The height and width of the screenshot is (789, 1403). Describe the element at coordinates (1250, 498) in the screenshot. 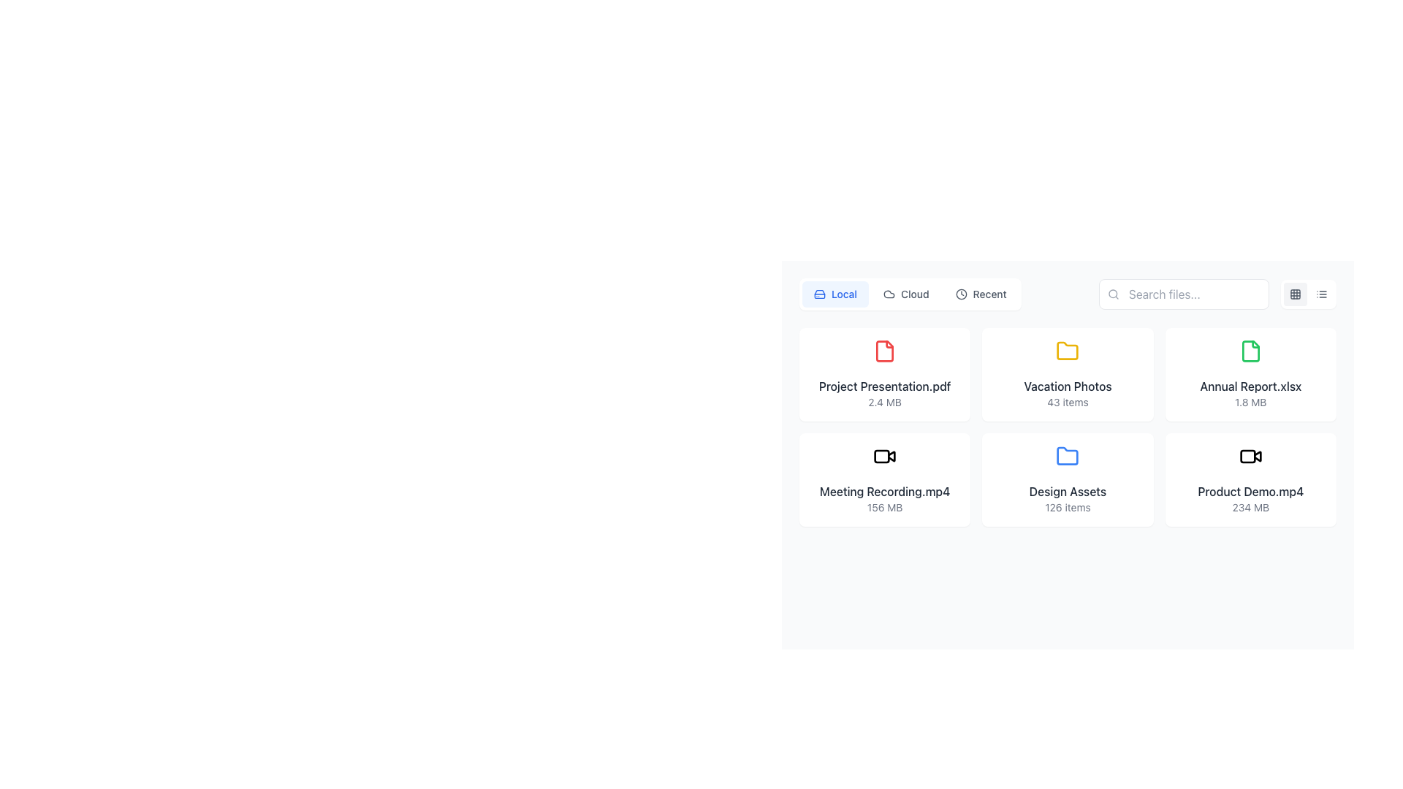

I see `the file name 'Product Demo.mp4' in the text label displaying file information` at that location.